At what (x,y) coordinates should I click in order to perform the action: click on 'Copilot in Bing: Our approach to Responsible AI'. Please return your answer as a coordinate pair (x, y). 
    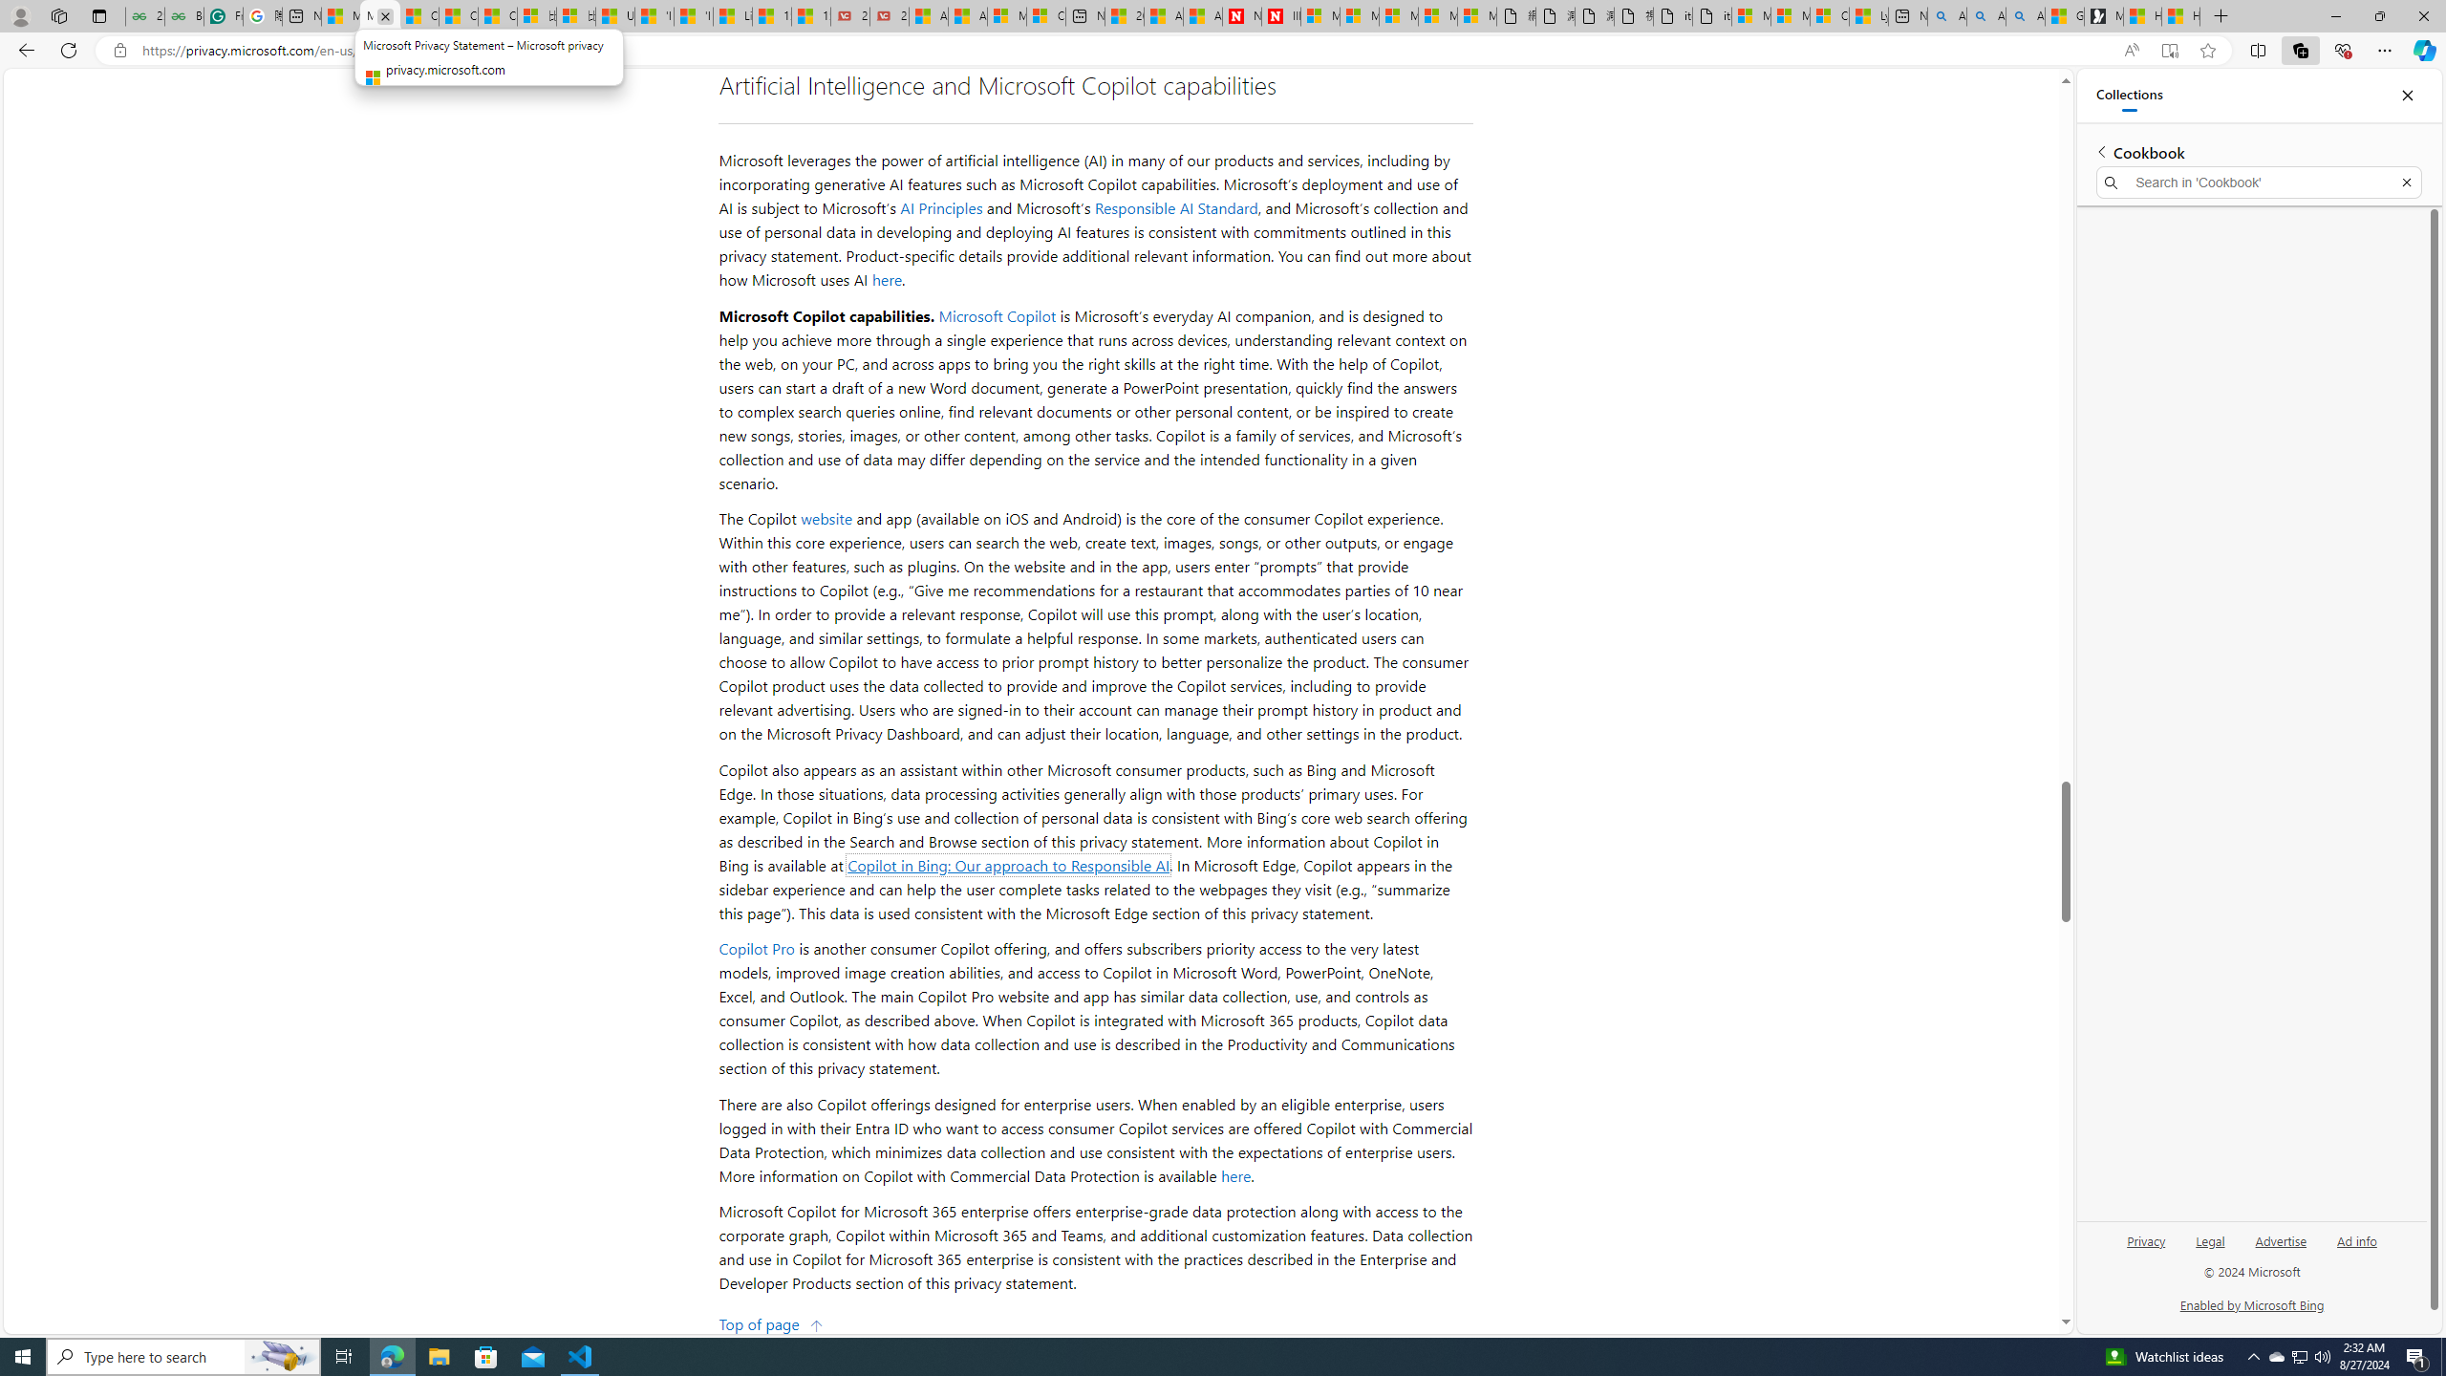
    Looking at the image, I should click on (1008, 864).